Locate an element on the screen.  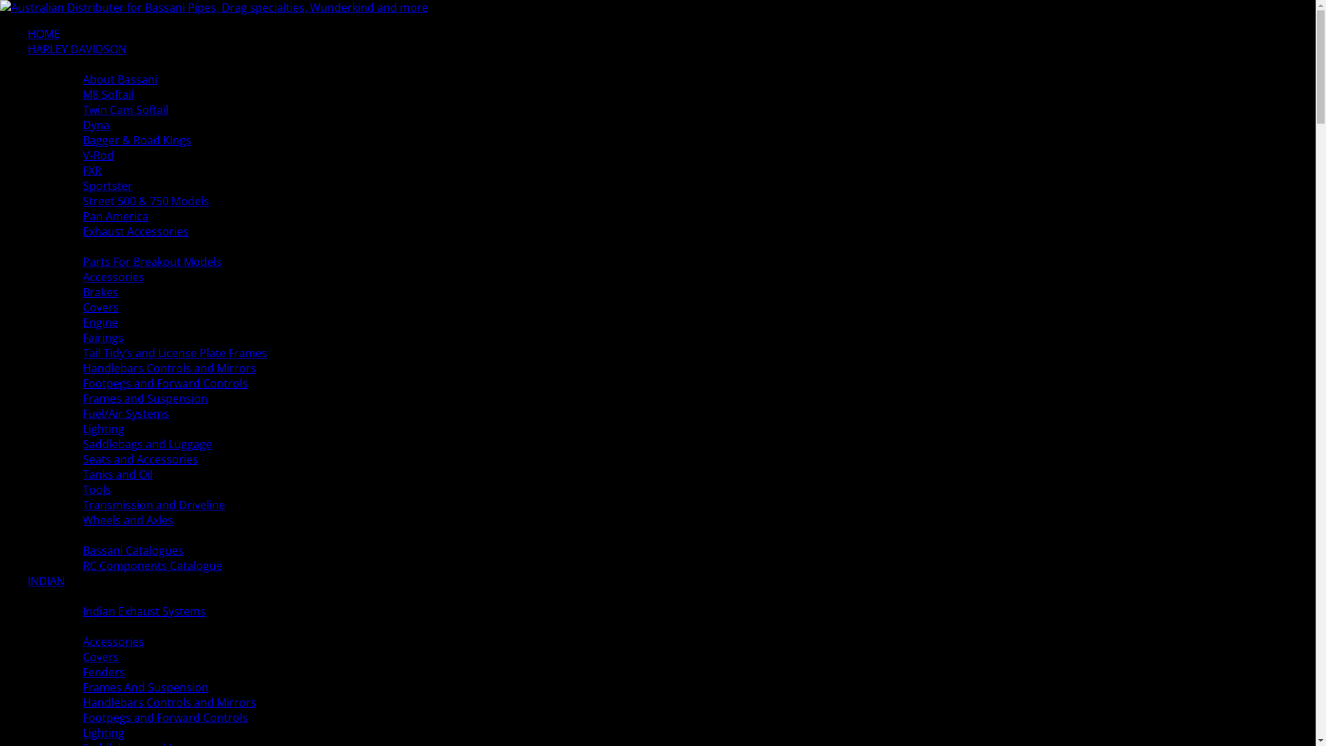
'Dyna' is located at coordinates (95, 125).